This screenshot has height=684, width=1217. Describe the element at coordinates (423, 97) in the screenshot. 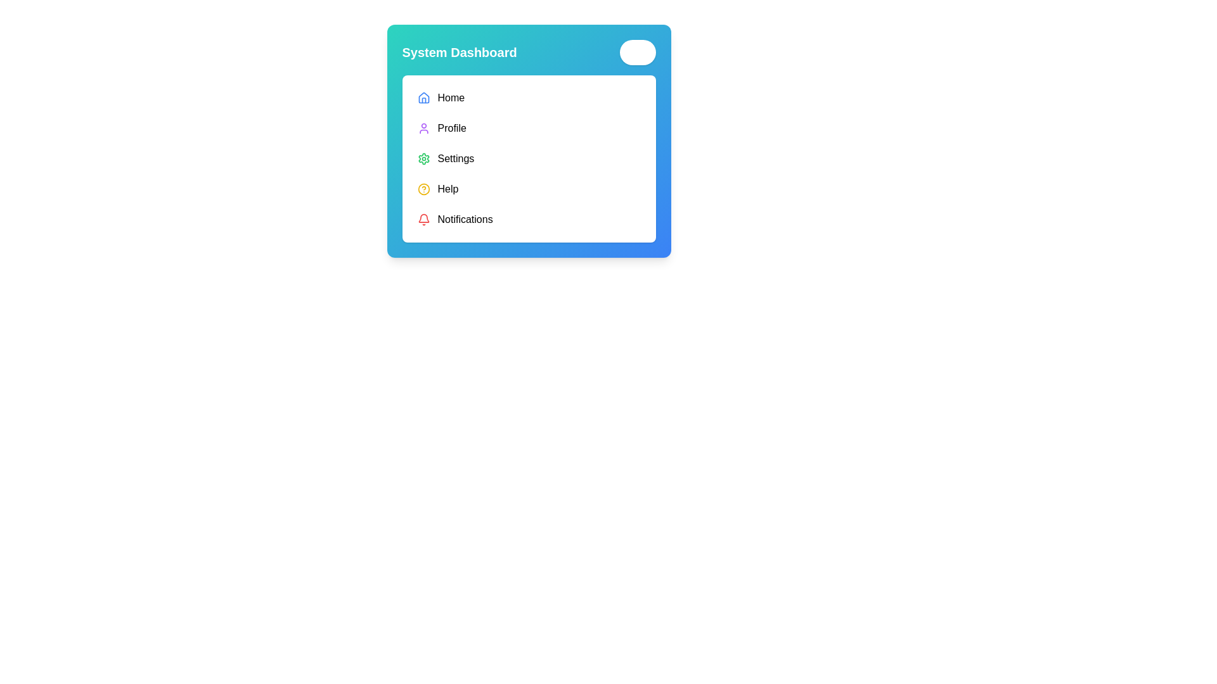

I see `the 'Home' icon located at the top-left corner of the vertical list in the dashboard panel` at that location.